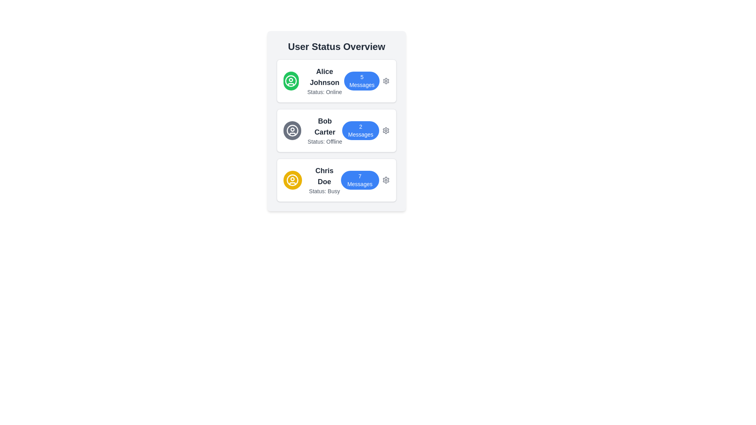 This screenshot has height=425, width=756. Describe the element at coordinates (292, 130) in the screenshot. I see `the Avatar icon representing 'Bob Carter', which is a circular icon with a gray background and a white user-shaped figure, located to the left of the name and status text` at that location.